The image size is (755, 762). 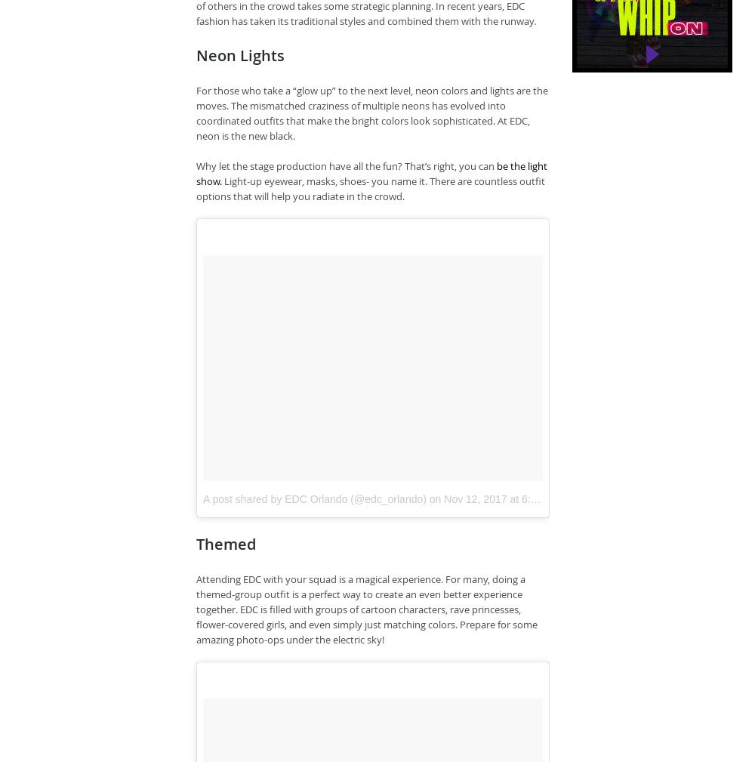 I want to click on 'A post shared by EDC Orlando (@edc_orlando)', so click(x=314, y=498).